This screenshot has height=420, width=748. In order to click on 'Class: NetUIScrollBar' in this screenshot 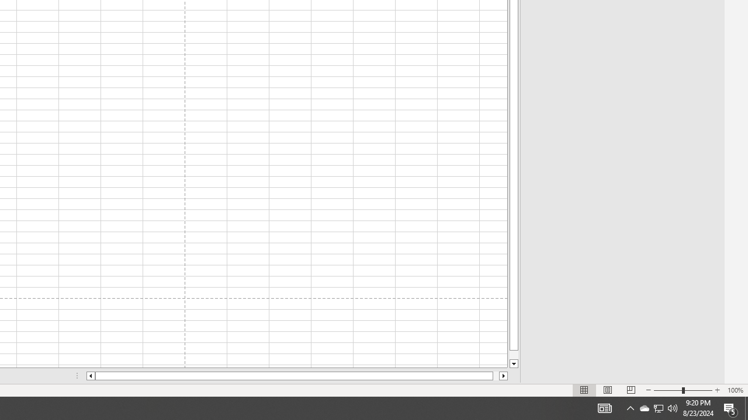, I will do `click(297, 376)`.